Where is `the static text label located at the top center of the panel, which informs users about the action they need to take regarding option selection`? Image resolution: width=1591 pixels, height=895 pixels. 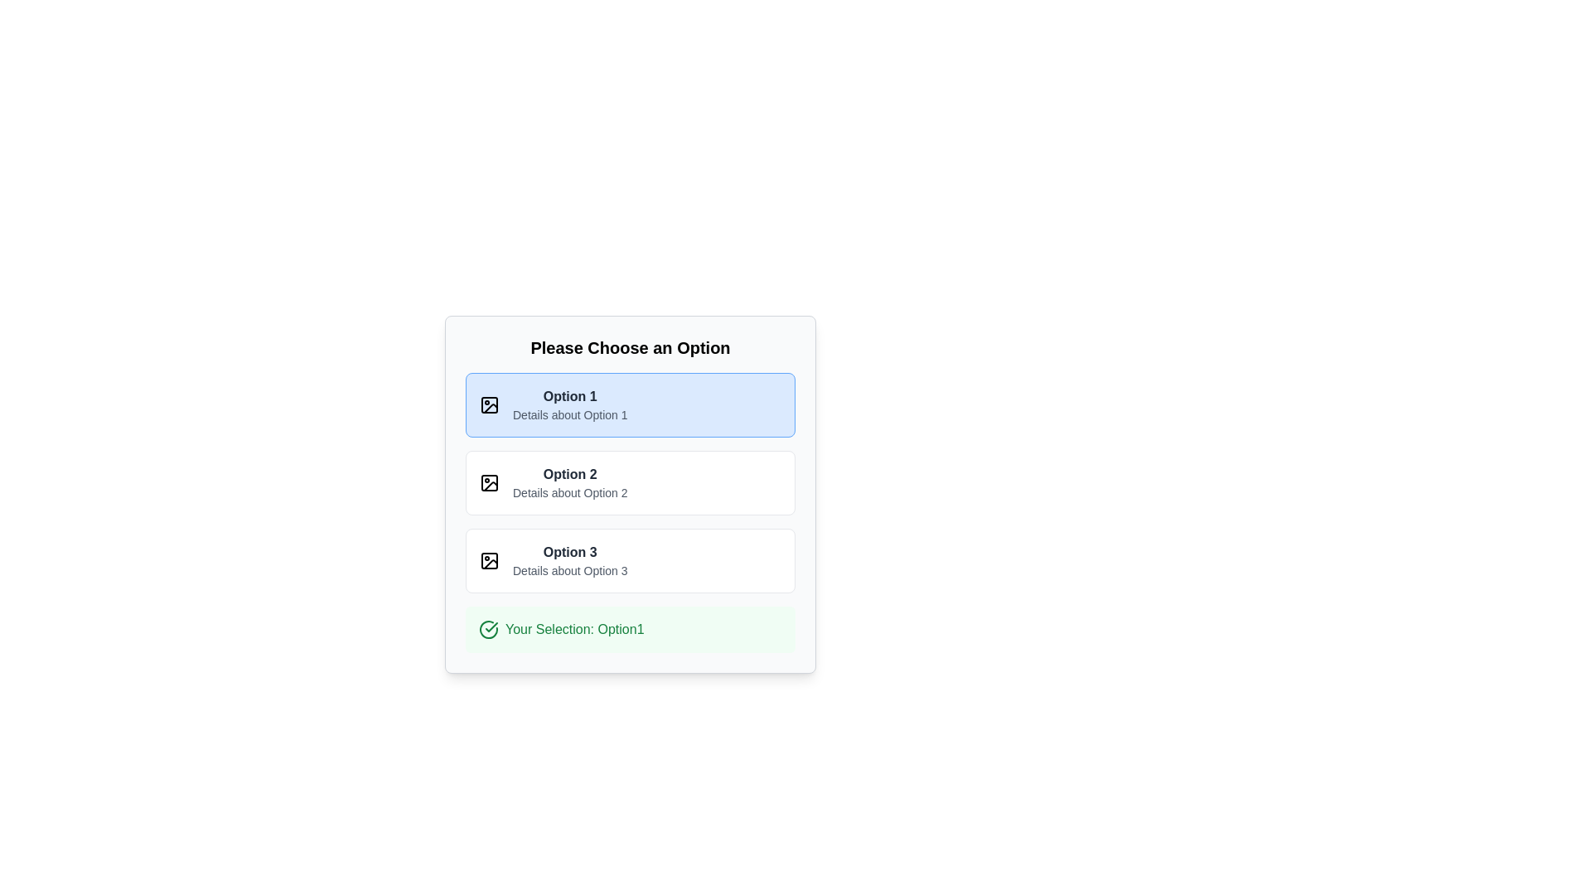 the static text label located at the top center of the panel, which informs users about the action they need to take regarding option selection is located at coordinates (630, 347).